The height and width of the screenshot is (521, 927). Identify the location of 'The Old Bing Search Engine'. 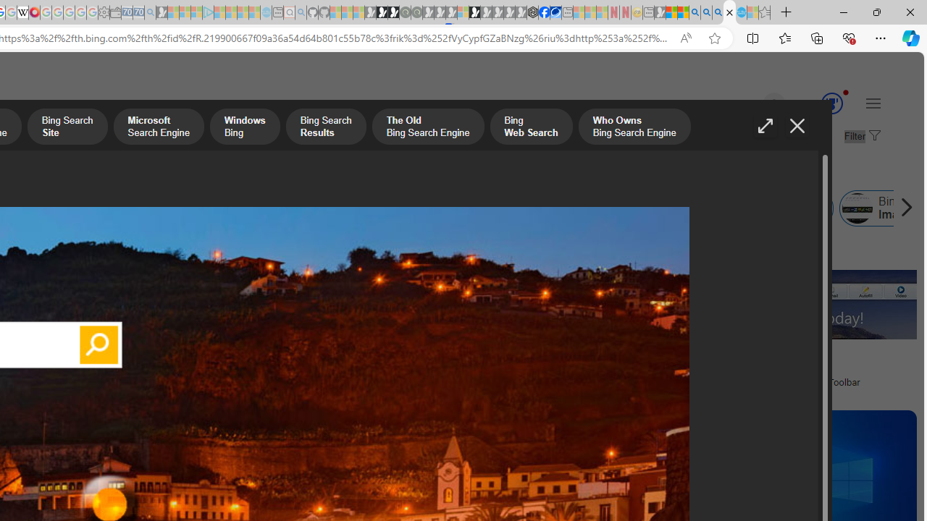
(427, 127).